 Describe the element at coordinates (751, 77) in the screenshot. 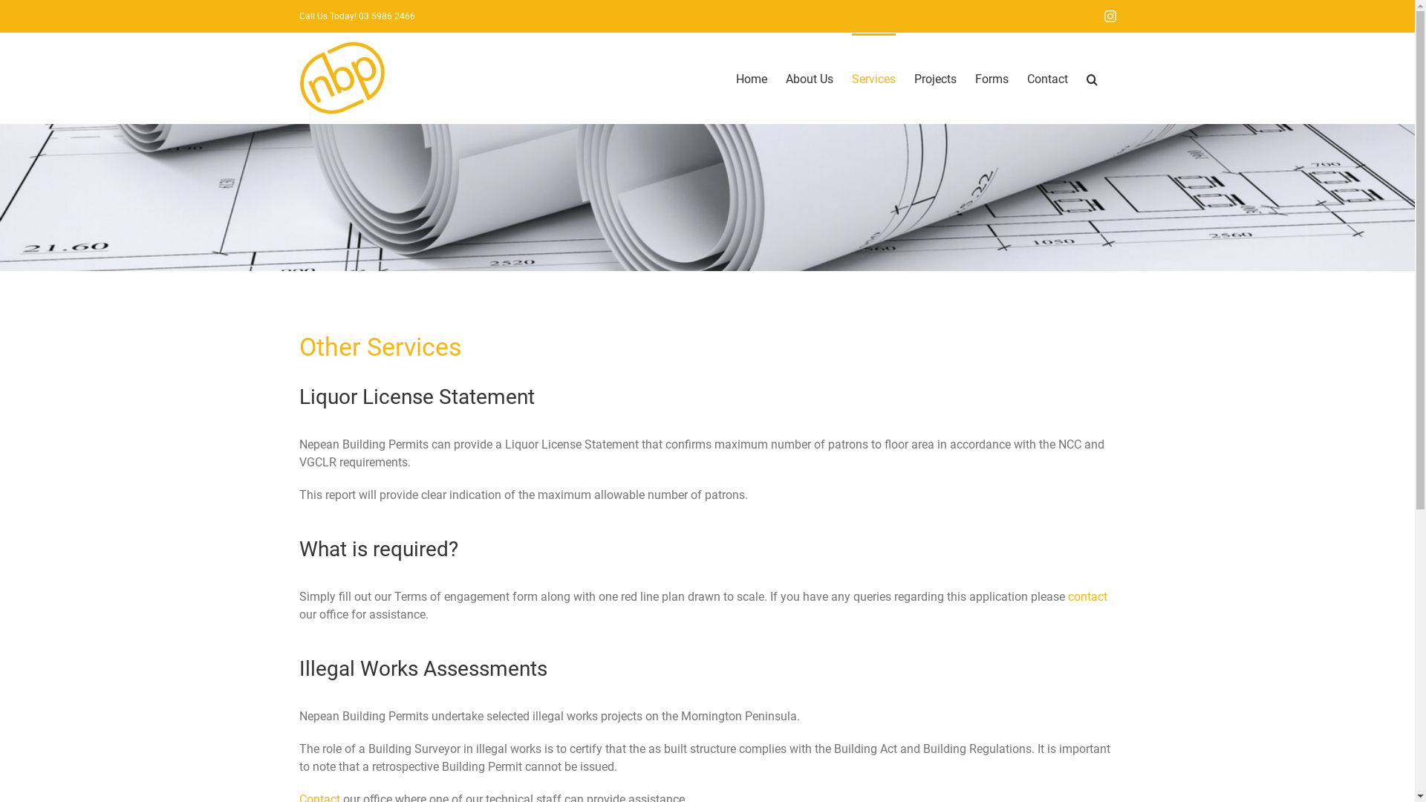

I see `'Home'` at that location.